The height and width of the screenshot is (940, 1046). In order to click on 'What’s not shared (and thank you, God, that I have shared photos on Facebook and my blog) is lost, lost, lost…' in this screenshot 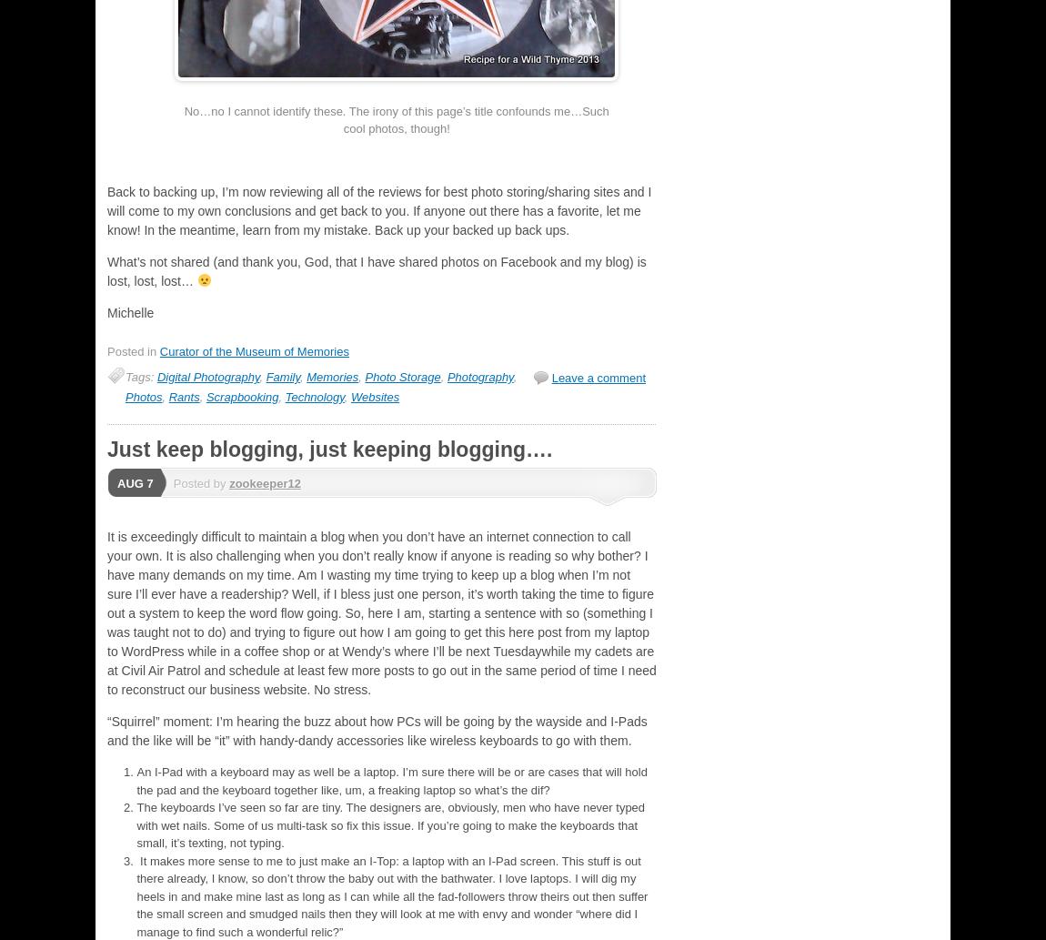, I will do `click(377, 269)`.